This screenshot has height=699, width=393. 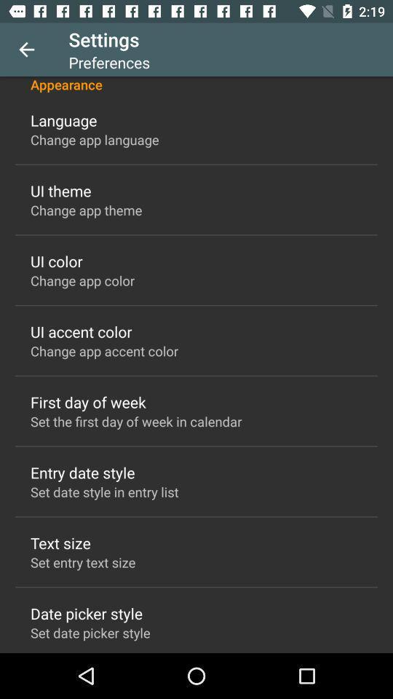 What do you see at coordinates (26, 50) in the screenshot?
I see `the app to the left of settings` at bounding box center [26, 50].